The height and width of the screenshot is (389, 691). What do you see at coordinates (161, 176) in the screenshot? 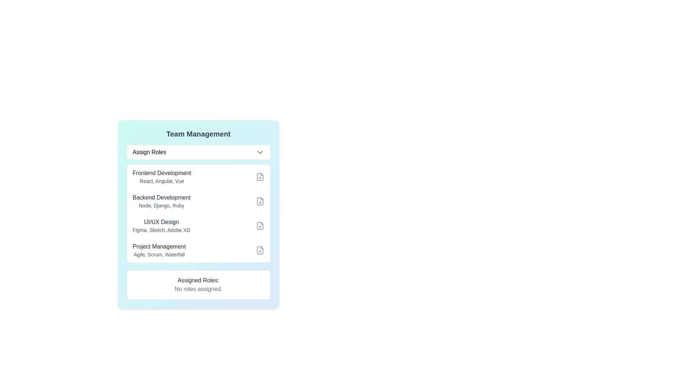
I see `text content of the 'Frontend Development' text display element located in the top left section of the 'Team Management' panel` at bounding box center [161, 176].